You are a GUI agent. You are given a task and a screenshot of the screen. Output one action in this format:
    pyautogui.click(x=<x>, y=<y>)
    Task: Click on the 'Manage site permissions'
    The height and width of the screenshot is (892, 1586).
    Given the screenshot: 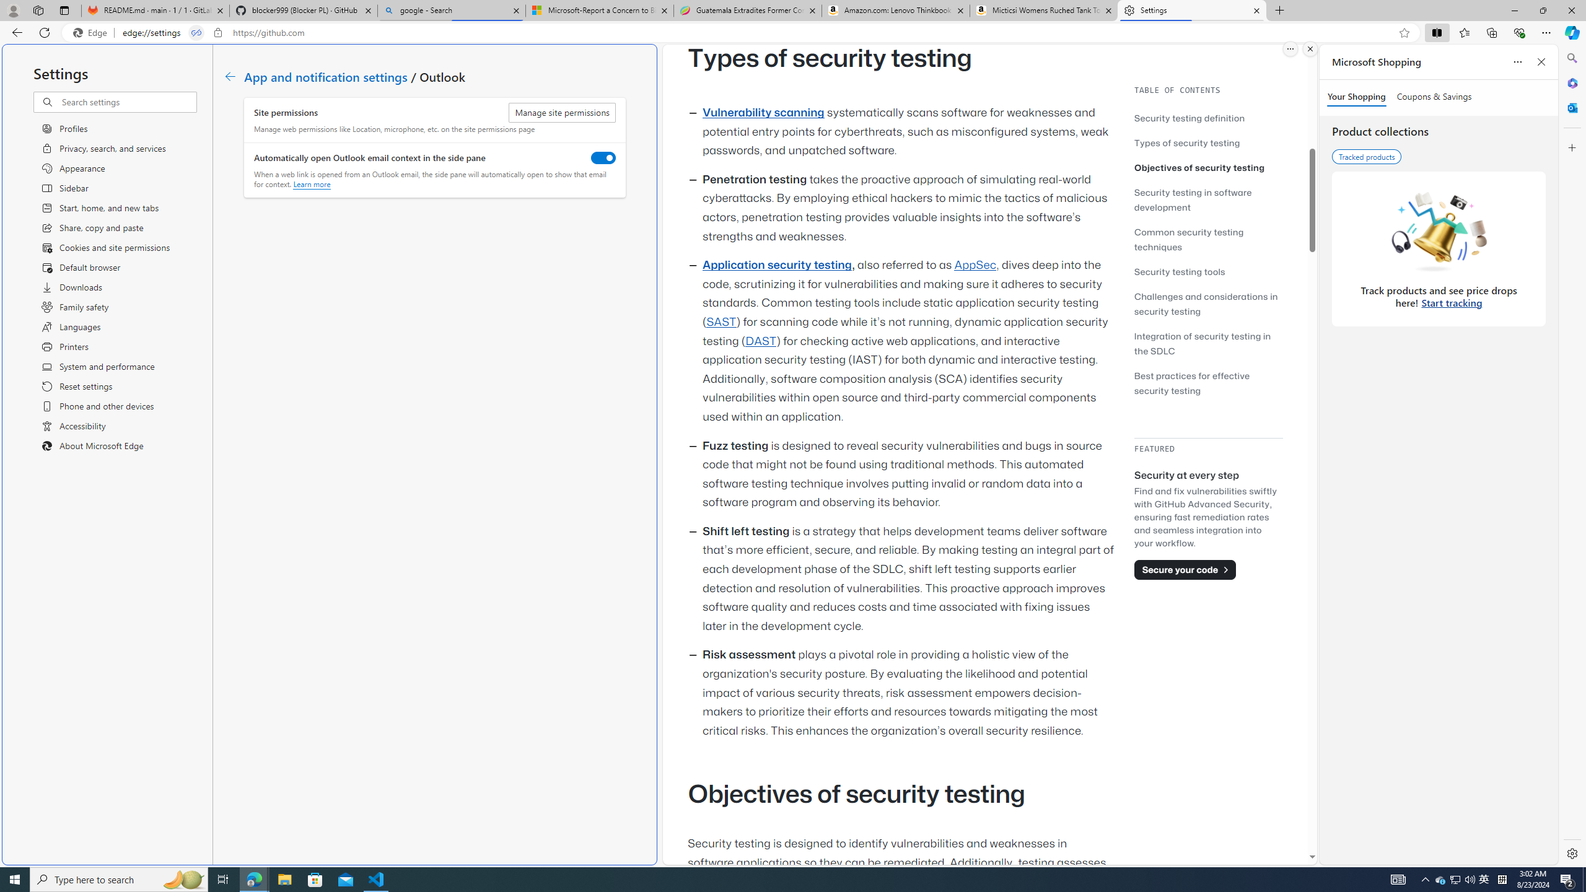 What is the action you would take?
    pyautogui.click(x=561, y=112)
    